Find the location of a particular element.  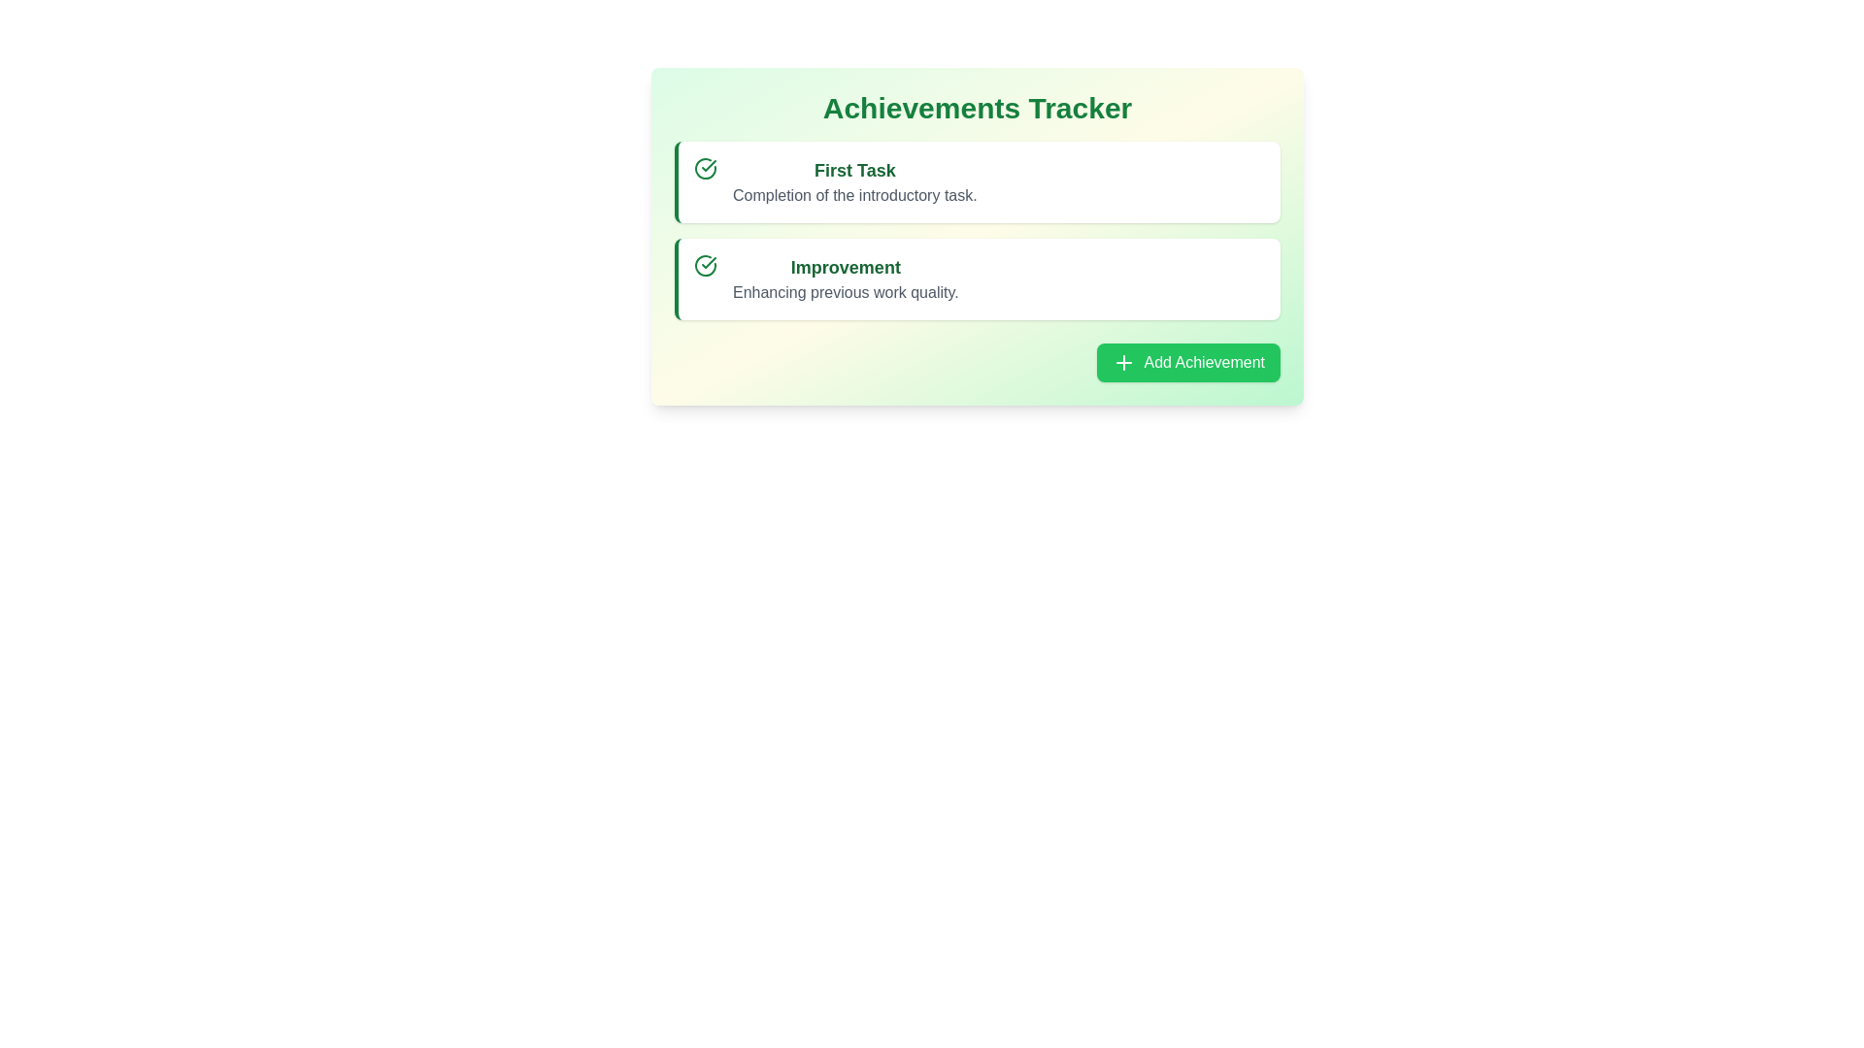

the text label reading 'Enhancing previous work quality.' located beneath the title 'Improvement' in the 'Achievements Tracker' section is located at coordinates (846, 292).